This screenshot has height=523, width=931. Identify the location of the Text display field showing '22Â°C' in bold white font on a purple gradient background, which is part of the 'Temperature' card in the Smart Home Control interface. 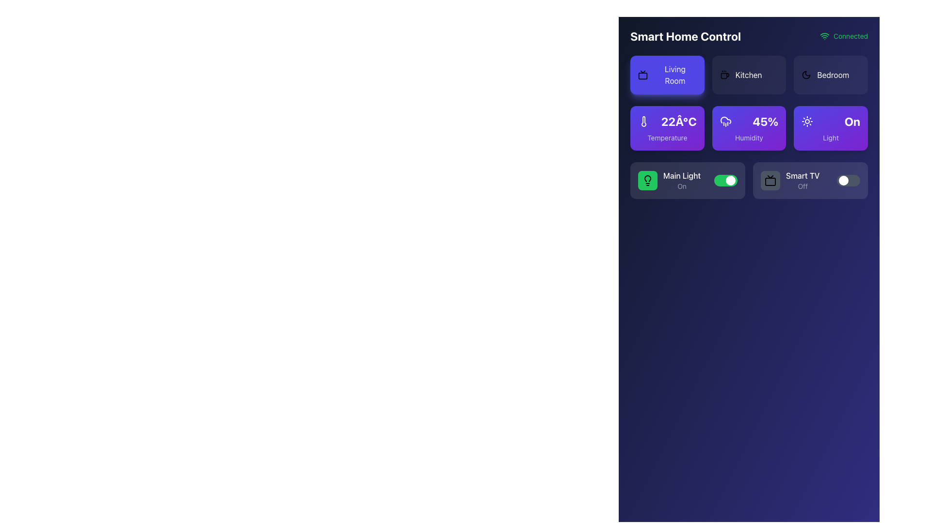
(667, 121).